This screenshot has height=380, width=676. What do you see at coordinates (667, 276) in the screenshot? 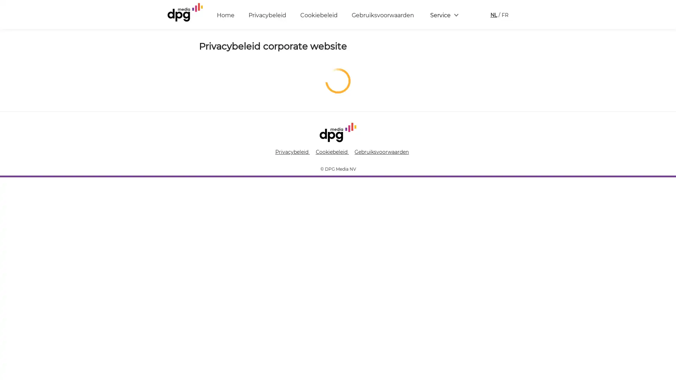
I see `close icon` at bounding box center [667, 276].